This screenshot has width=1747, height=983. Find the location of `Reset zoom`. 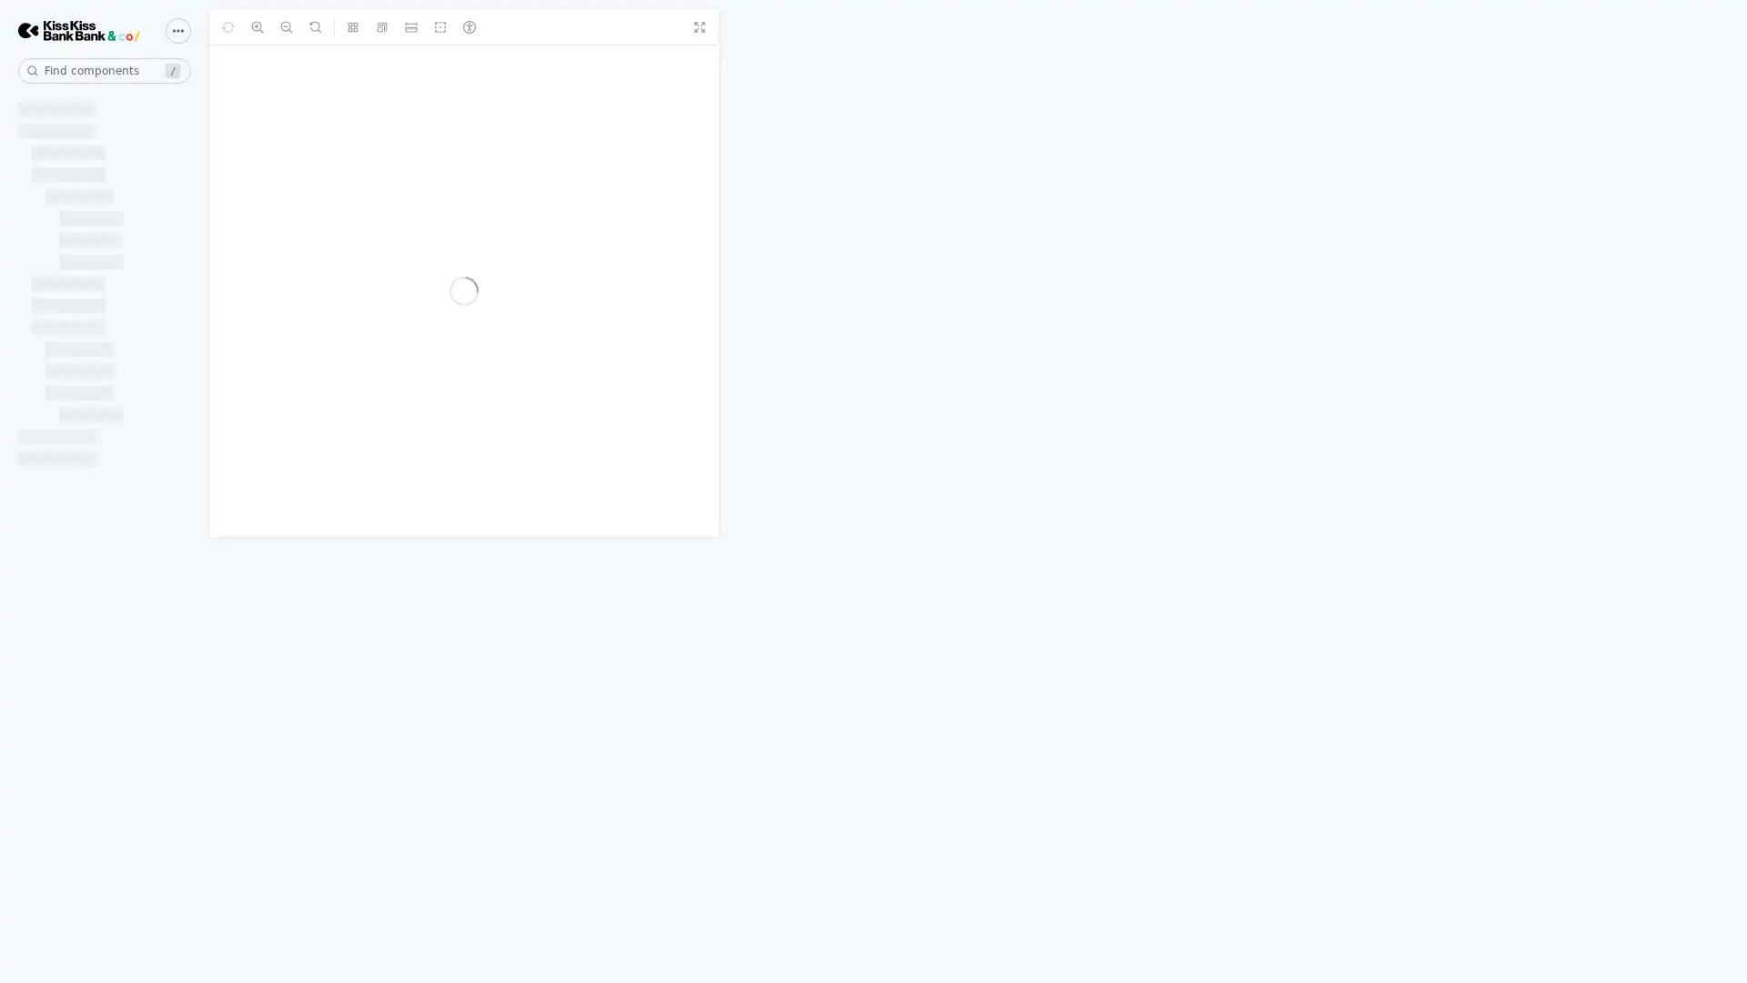

Reset zoom is located at coordinates (457, 27).